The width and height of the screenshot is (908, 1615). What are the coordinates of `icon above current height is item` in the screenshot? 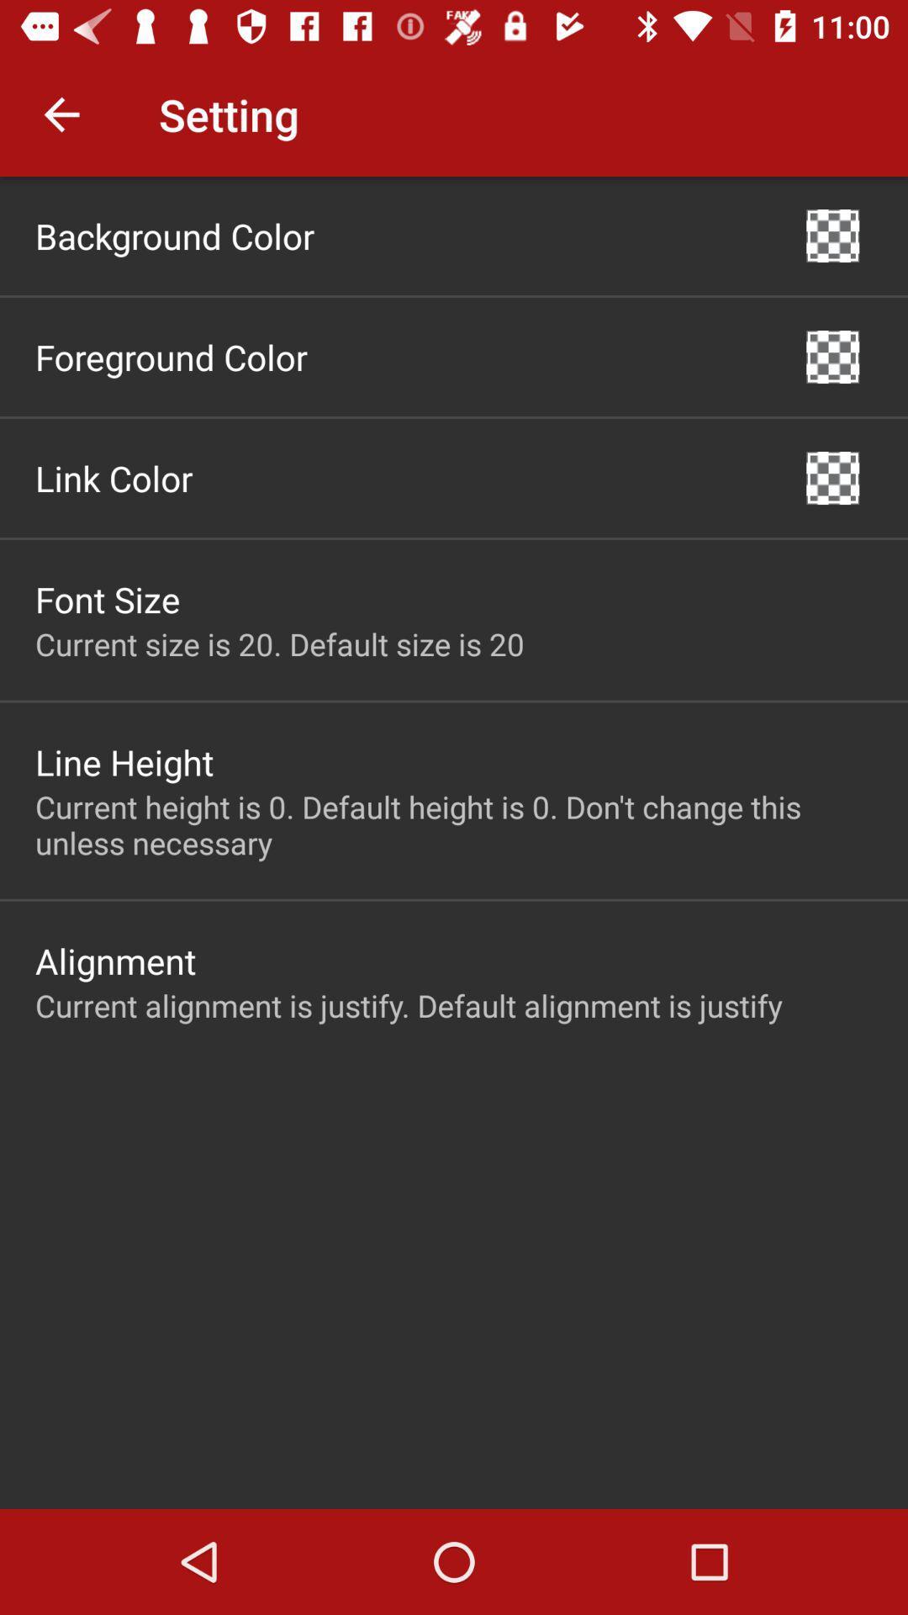 It's located at (832, 477).